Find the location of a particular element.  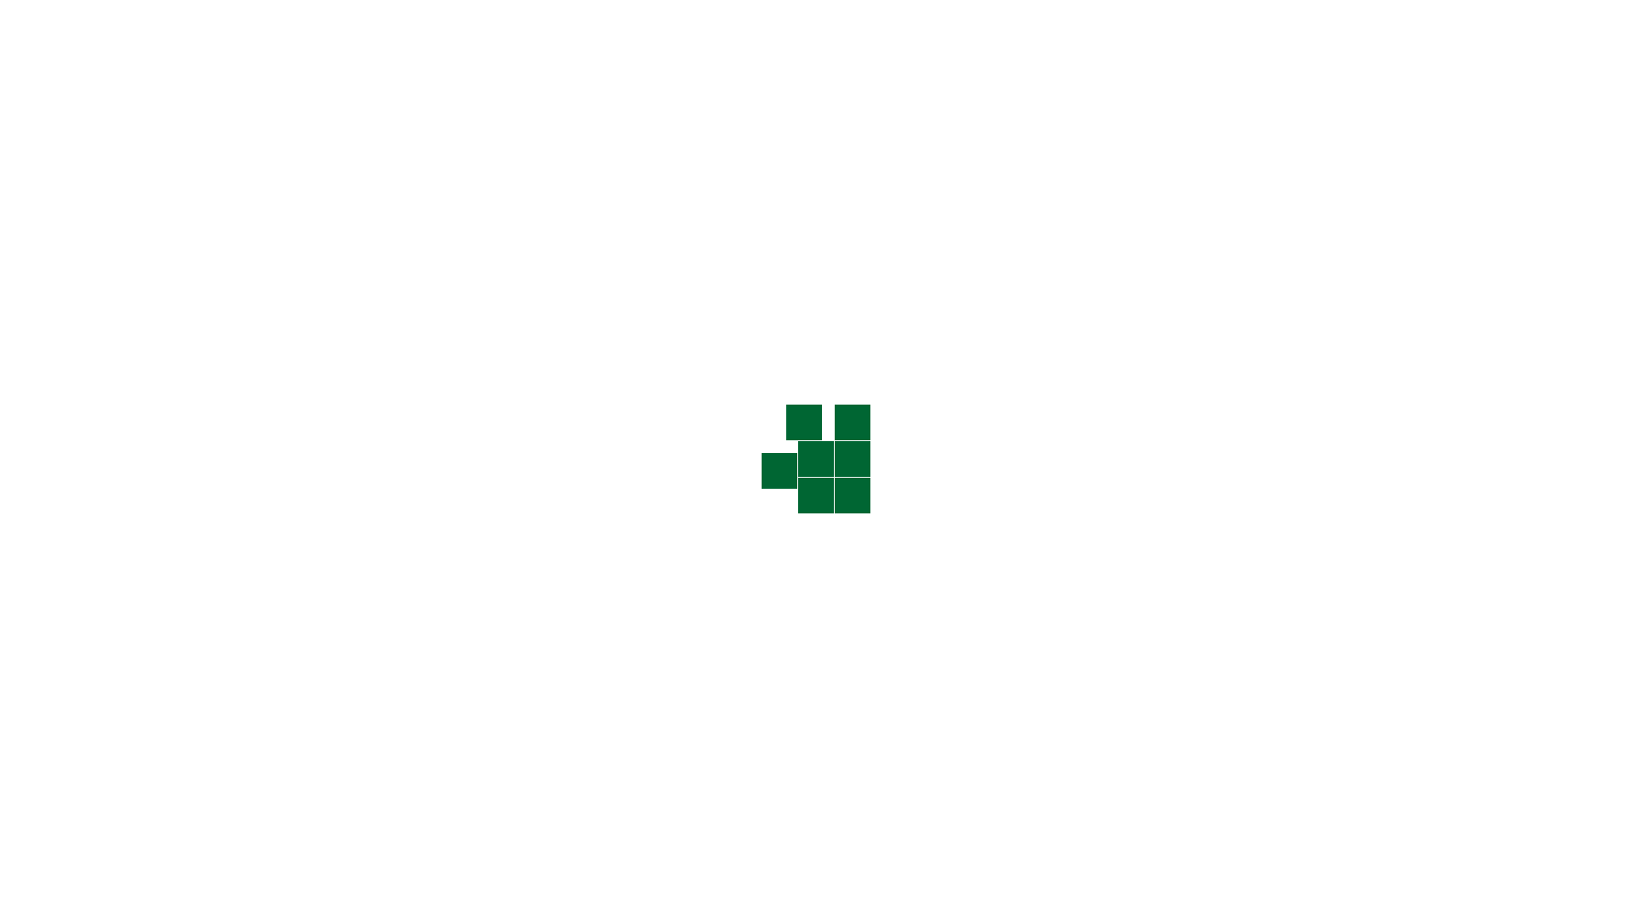

' 08 8284 8333' is located at coordinates (975, 26).